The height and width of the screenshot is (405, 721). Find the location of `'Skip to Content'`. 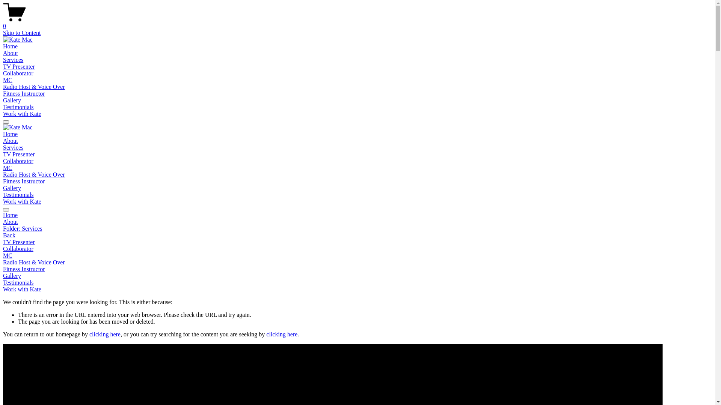

'Skip to Content' is located at coordinates (21, 32).